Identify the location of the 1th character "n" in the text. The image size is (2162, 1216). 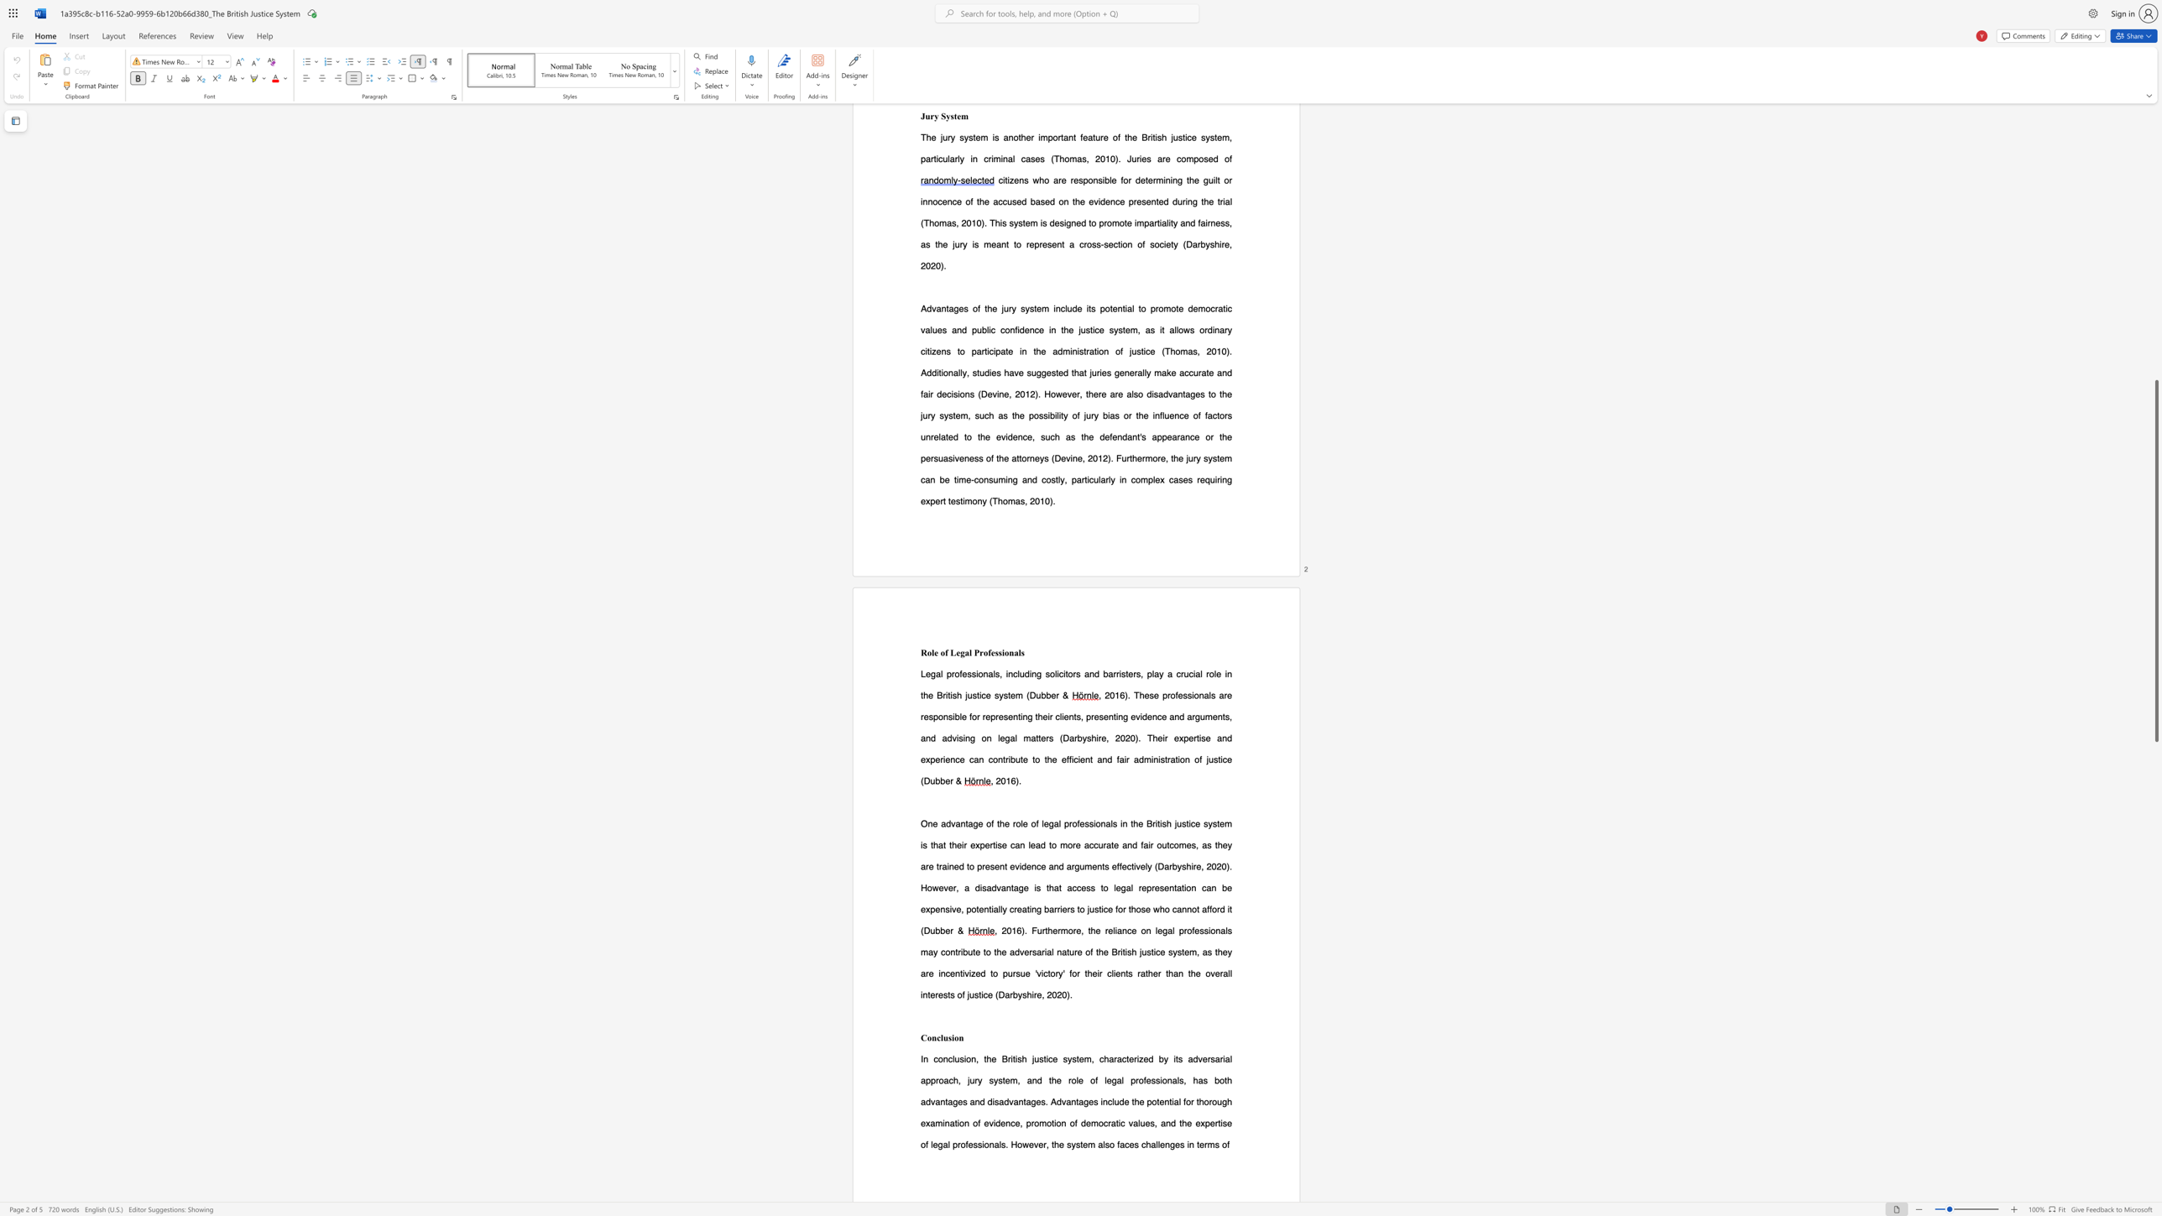
(1201, 695).